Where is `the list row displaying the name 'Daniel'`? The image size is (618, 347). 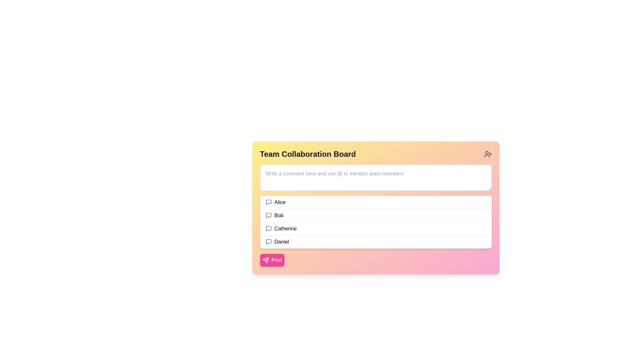
the list row displaying the name 'Daniel' is located at coordinates (376, 242).